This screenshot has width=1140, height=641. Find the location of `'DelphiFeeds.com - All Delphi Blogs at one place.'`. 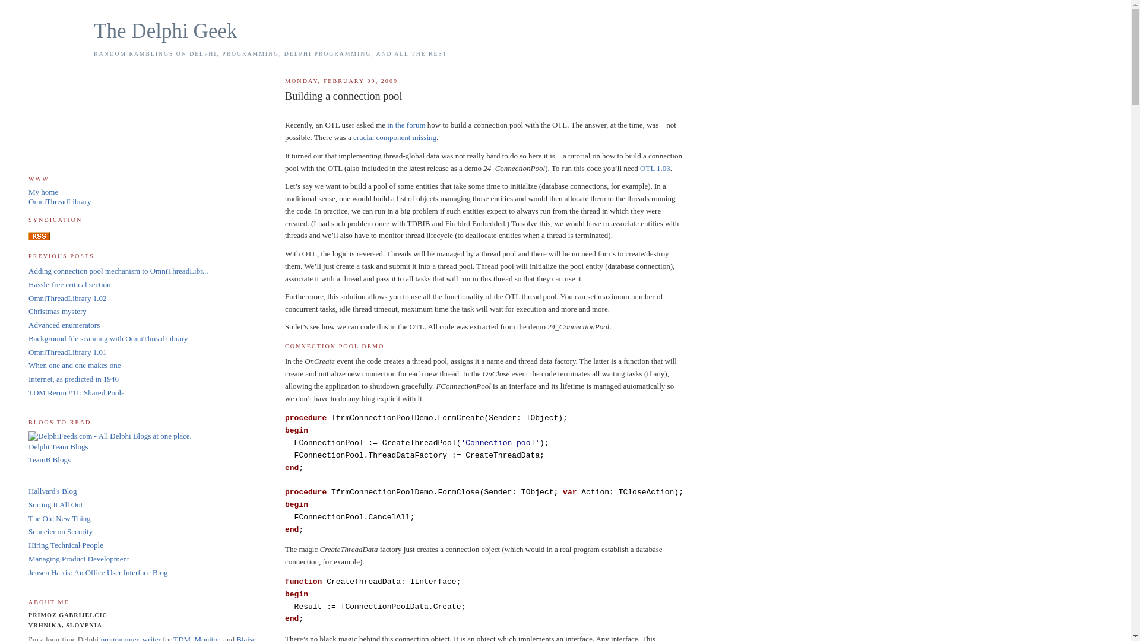

'DelphiFeeds.com - All Delphi Blogs at one place.' is located at coordinates (110, 436).